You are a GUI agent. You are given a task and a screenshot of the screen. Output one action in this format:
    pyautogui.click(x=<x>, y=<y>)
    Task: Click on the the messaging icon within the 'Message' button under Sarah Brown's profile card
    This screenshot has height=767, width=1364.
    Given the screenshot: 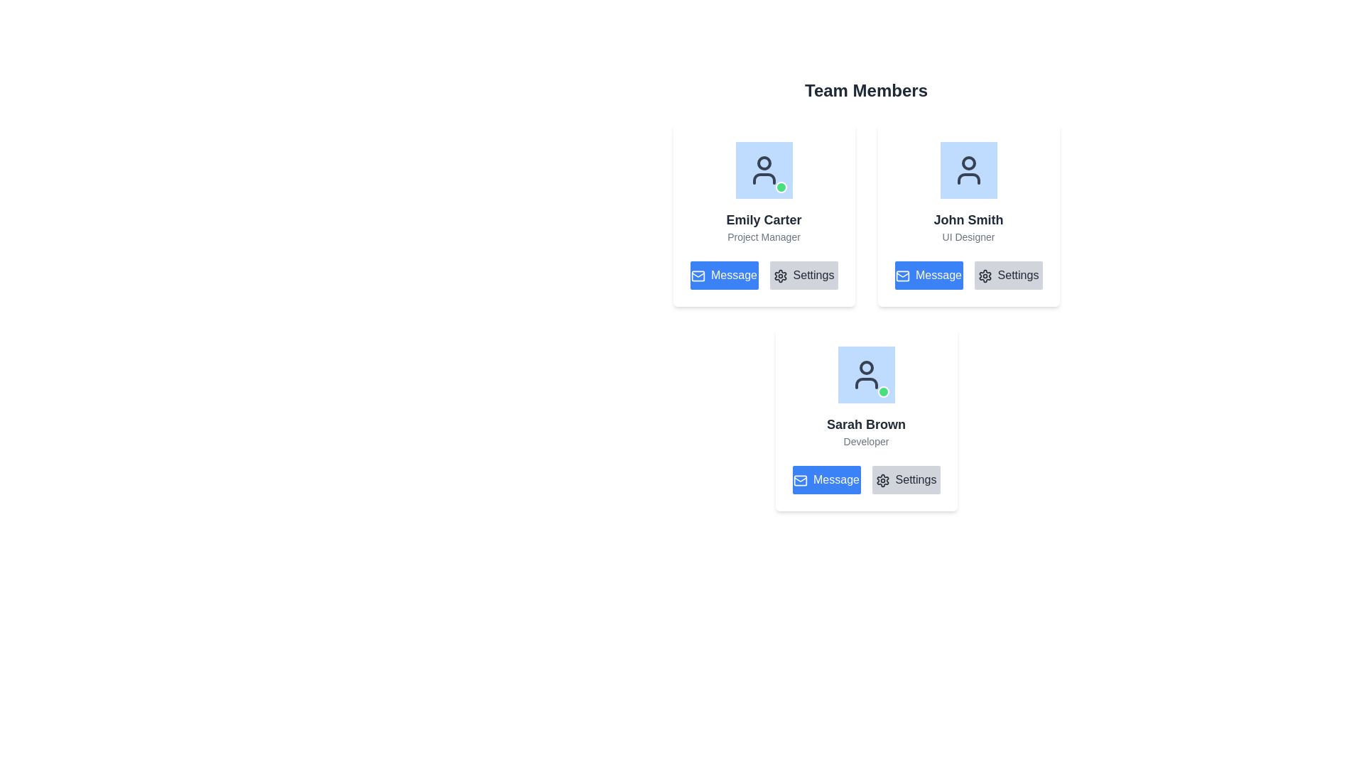 What is the action you would take?
    pyautogui.click(x=801, y=479)
    